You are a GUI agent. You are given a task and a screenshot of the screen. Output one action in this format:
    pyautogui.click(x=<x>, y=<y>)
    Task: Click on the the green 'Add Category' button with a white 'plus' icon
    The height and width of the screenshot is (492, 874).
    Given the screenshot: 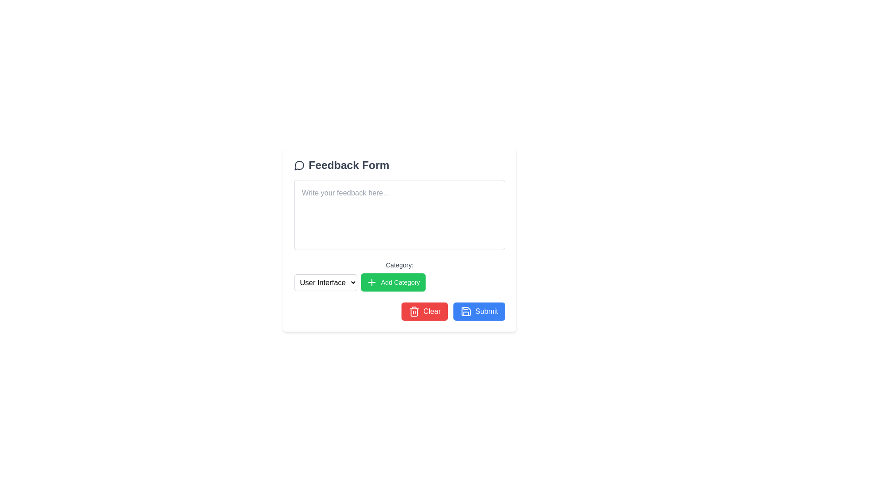 What is the action you would take?
    pyautogui.click(x=393, y=282)
    